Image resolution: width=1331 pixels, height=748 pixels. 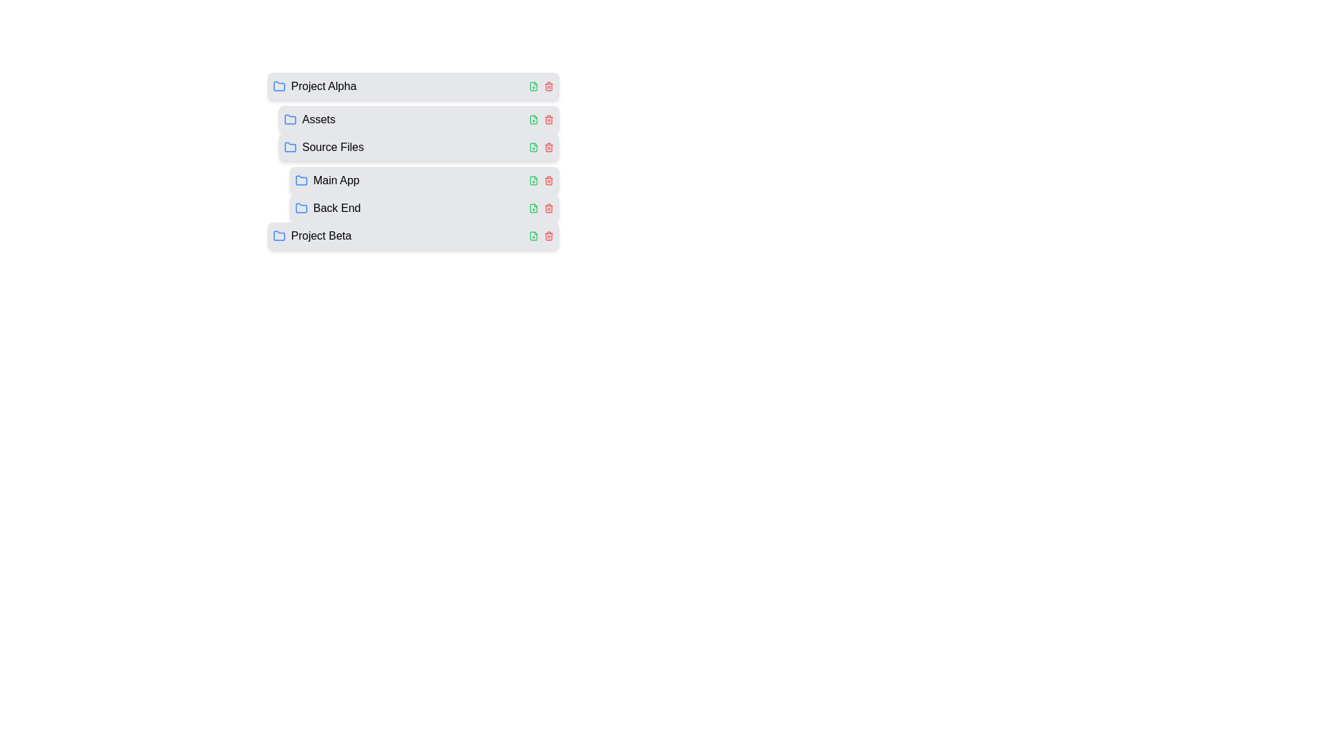 What do you see at coordinates (301, 180) in the screenshot?
I see `the folder icon with a blue outline located to the left of the text 'Main App'` at bounding box center [301, 180].